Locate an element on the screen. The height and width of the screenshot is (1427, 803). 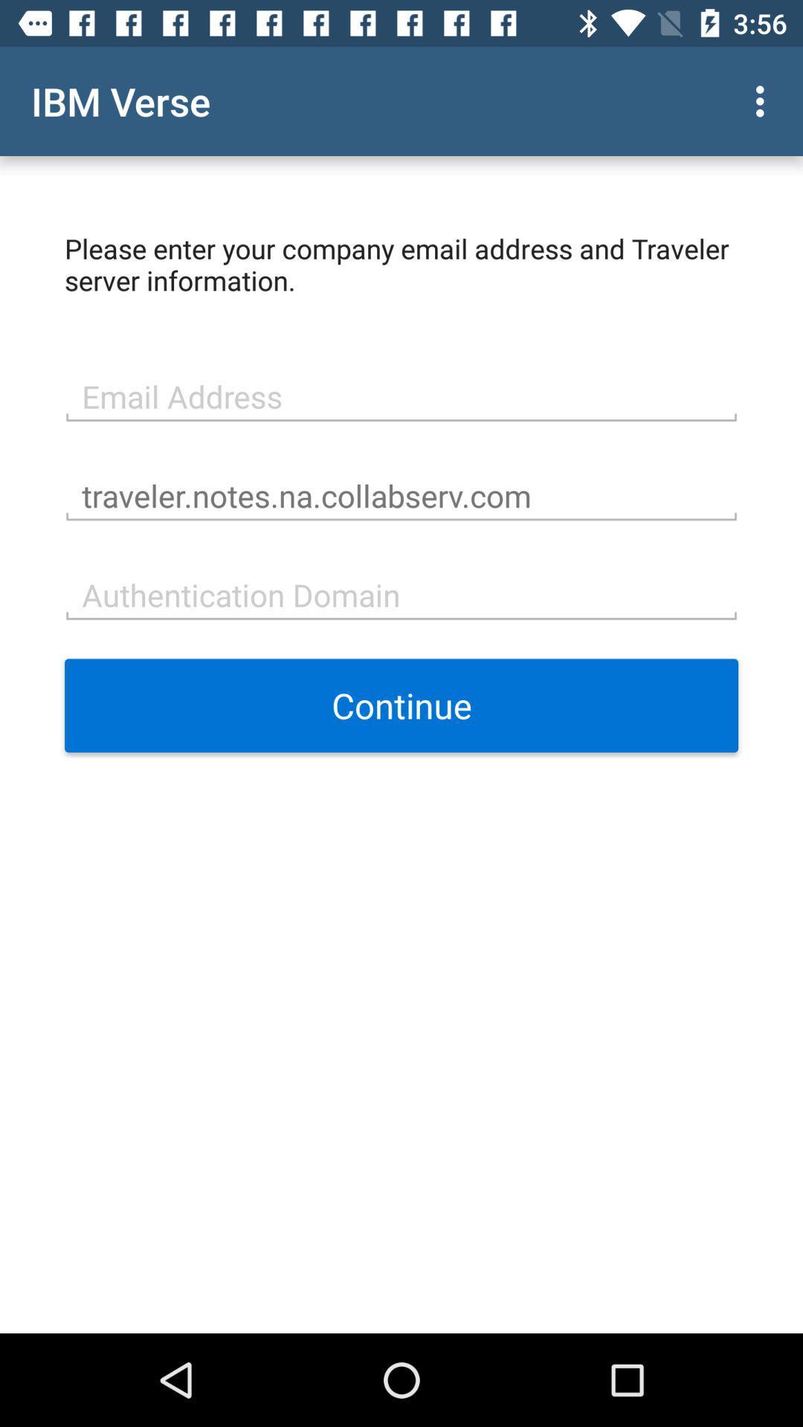
the continue item is located at coordinates (401, 705).